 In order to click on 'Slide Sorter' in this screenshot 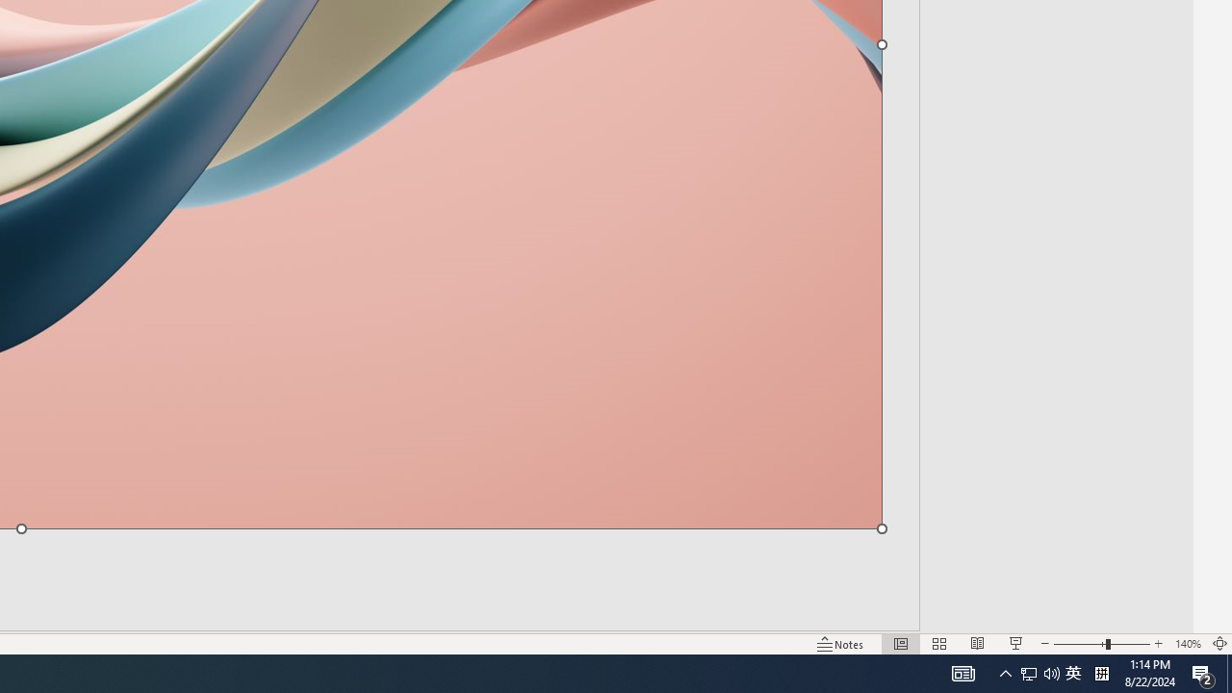, I will do `click(939, 644)`.